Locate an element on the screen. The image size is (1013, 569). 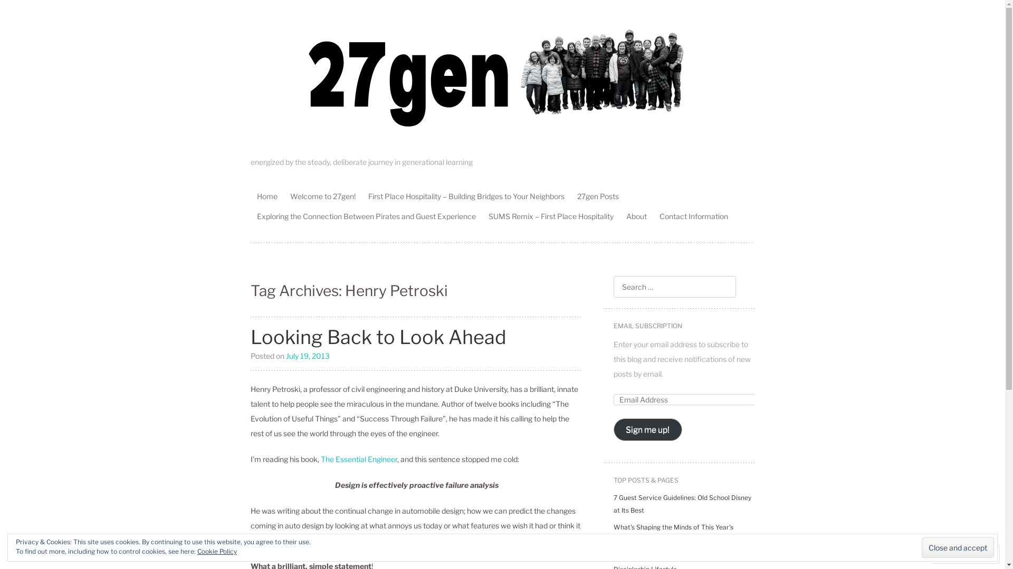
'27gen Posts' is located at coordinates (598, 195).